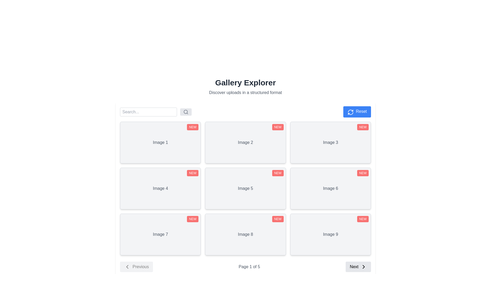  Describe the element at coordinates (160, 188) in the screenshot. I see `the gray-colored text label displaying 'Image 4' located in the middle of the first card in the second row of a 3x3 grid layout` at that location.